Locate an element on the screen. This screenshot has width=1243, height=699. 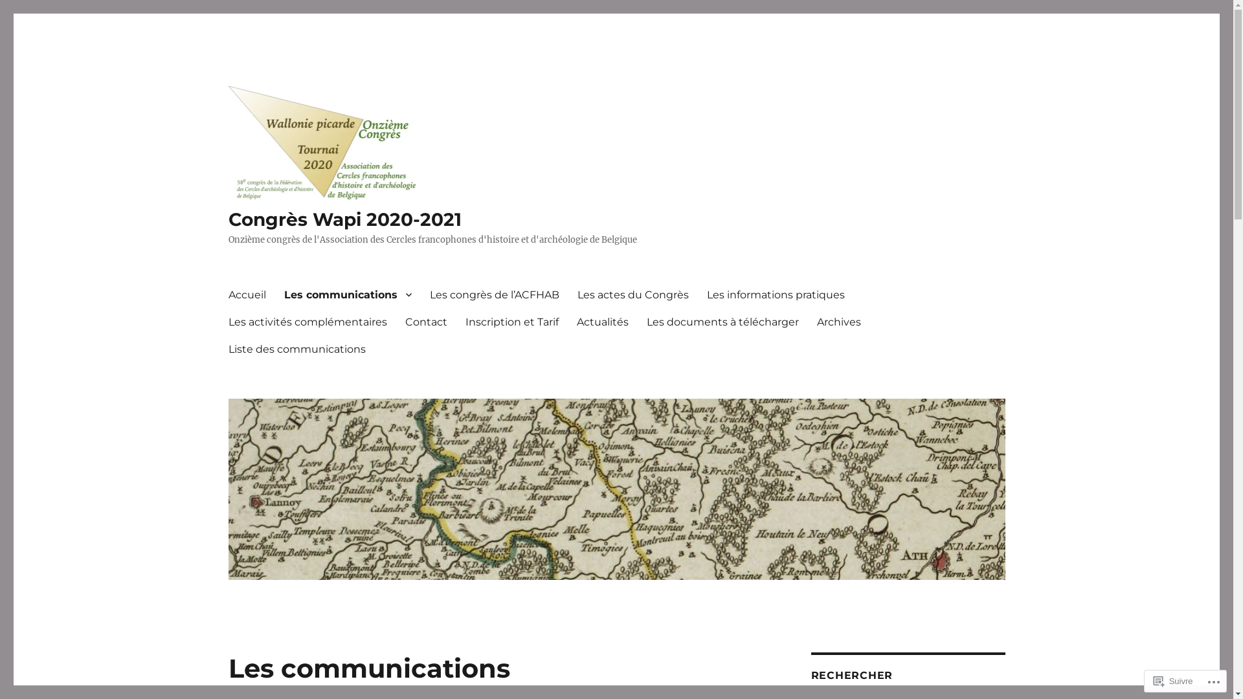
'Les communications' is located at coordinates (347, 294).